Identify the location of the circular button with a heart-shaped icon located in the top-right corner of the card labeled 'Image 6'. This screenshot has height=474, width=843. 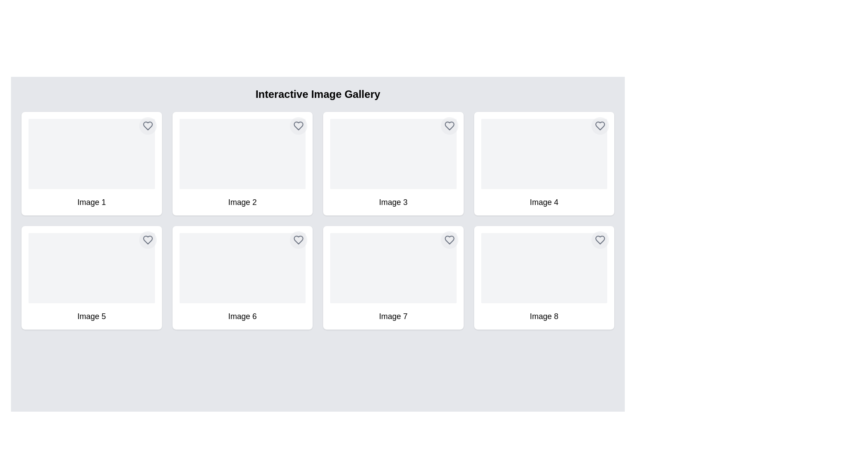
(299, 240).